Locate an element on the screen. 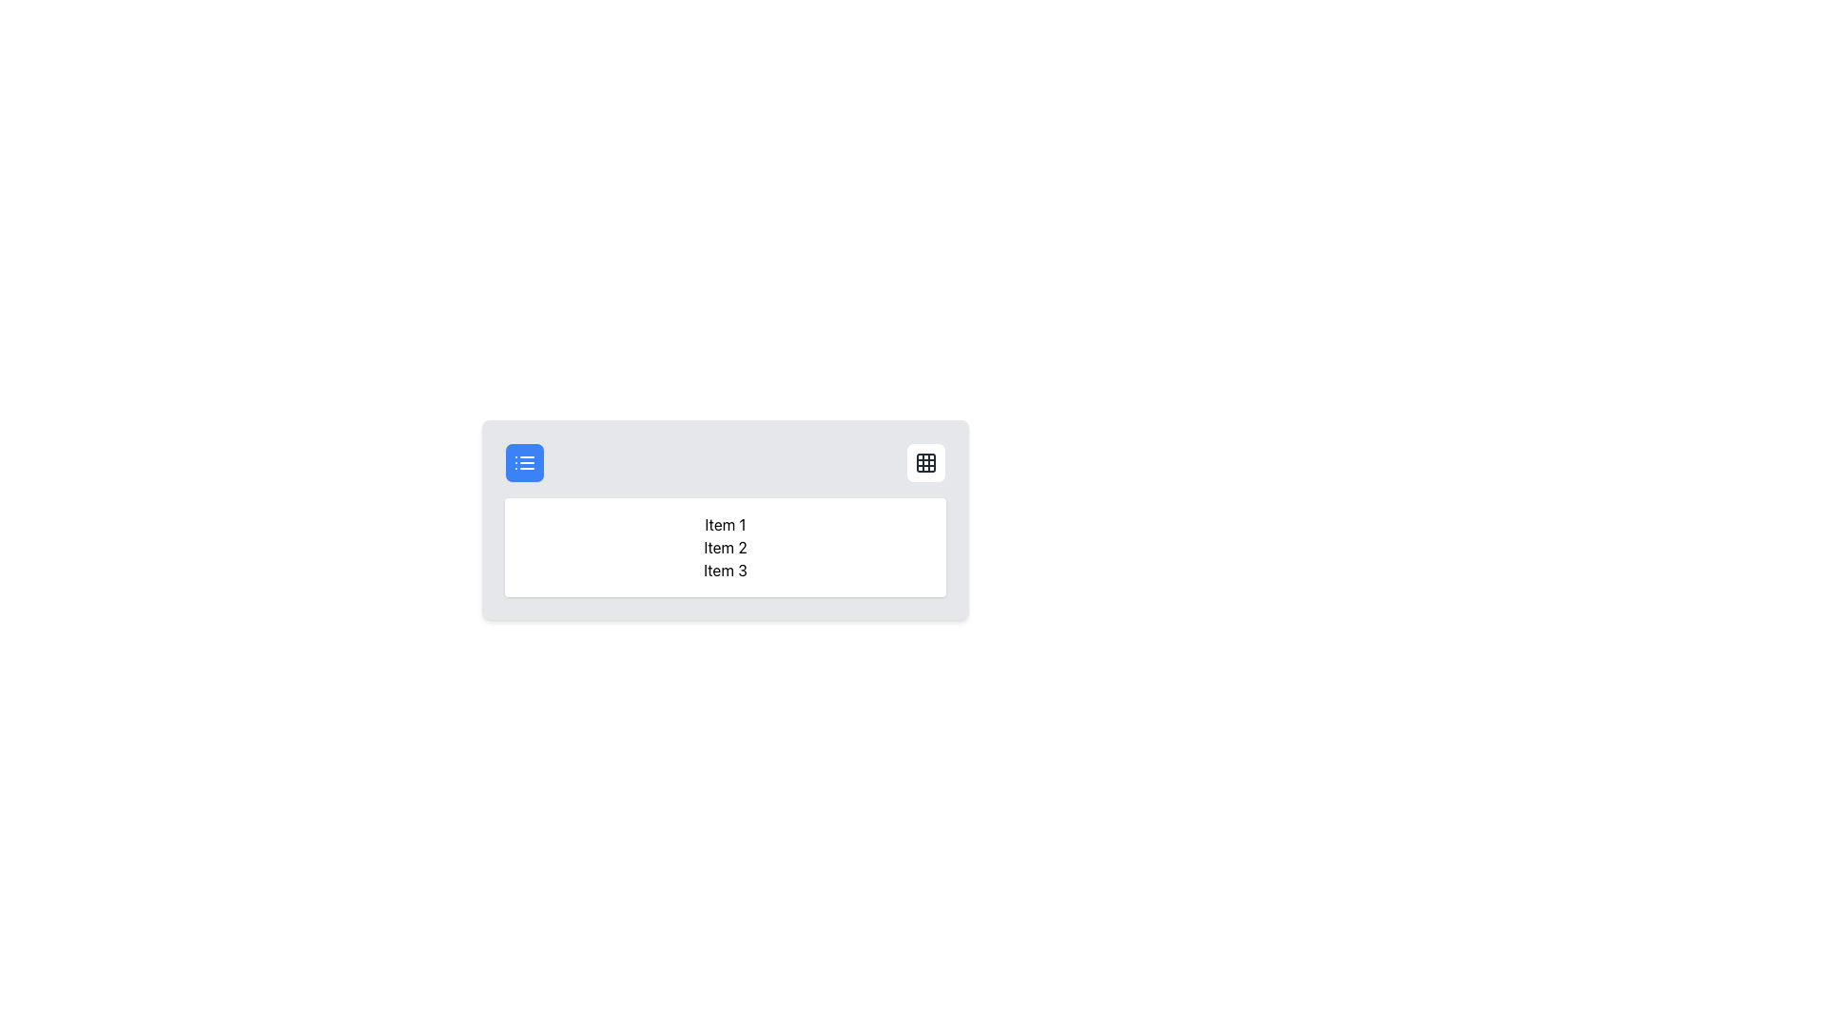 The image size is (1826, 1027). the static text label displaying 'Item 2', which is located between 'Item 1' above and 'Item 3' below in a vertically stacked list is located at coordinates (725, 547).